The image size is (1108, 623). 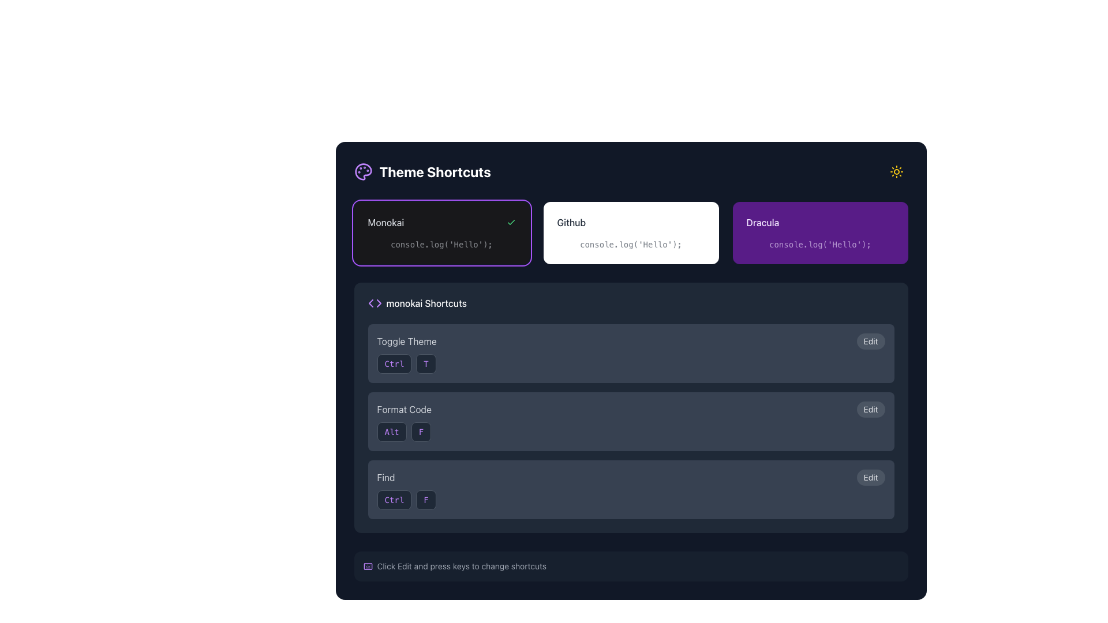 I want to click on the 'Edit' button located in the bottommost row of the 'Find' shortcut section, so click(x=871, y=478).